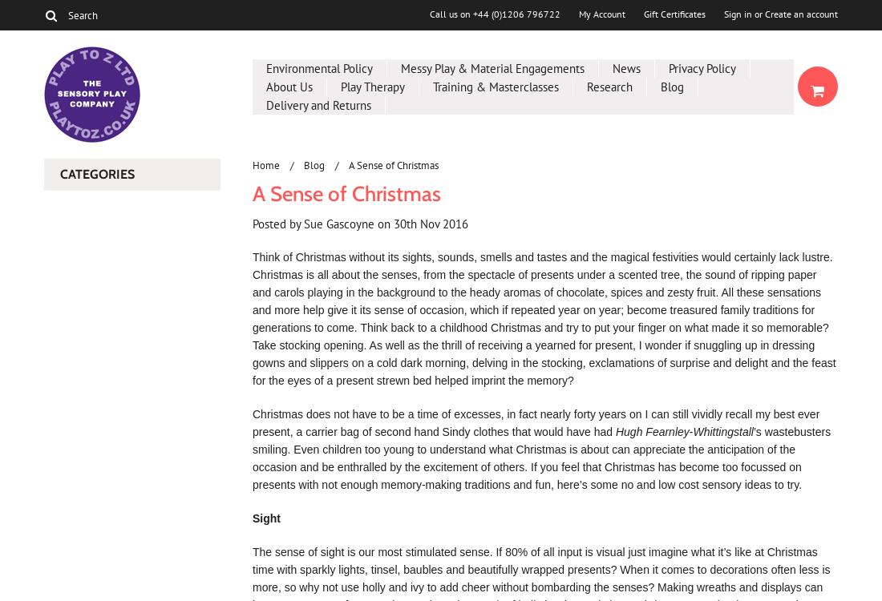  I want to click on 'Delivery and Returns', so click(318, 104).